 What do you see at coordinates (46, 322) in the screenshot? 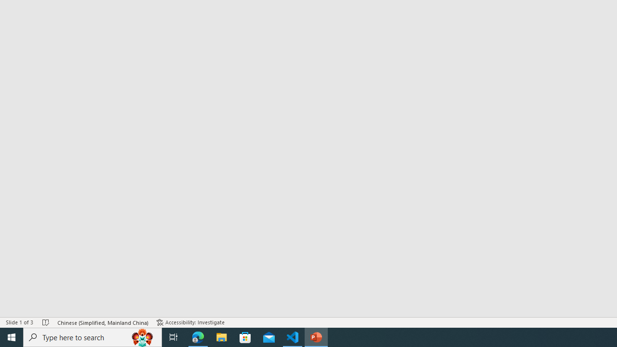
I see `'Spell Check No Errors'` at bounding box center [46, 322].